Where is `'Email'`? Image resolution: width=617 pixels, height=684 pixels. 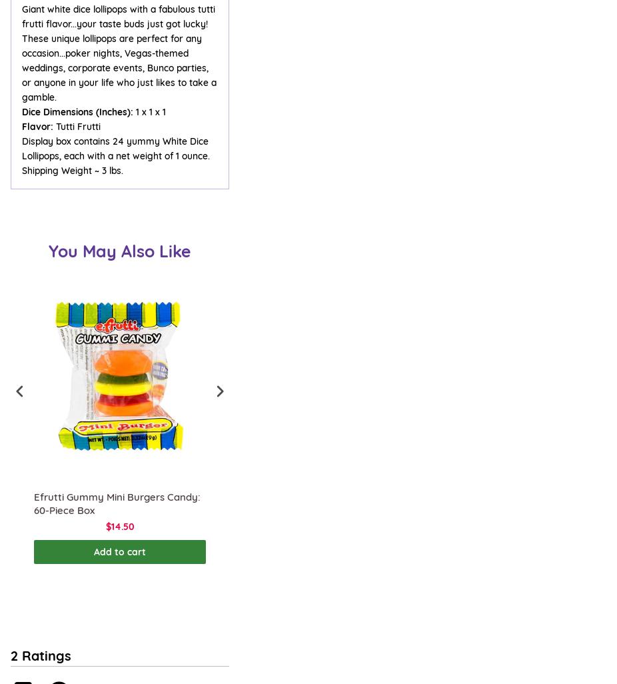
'Email' is located at coordinates (21, 665).